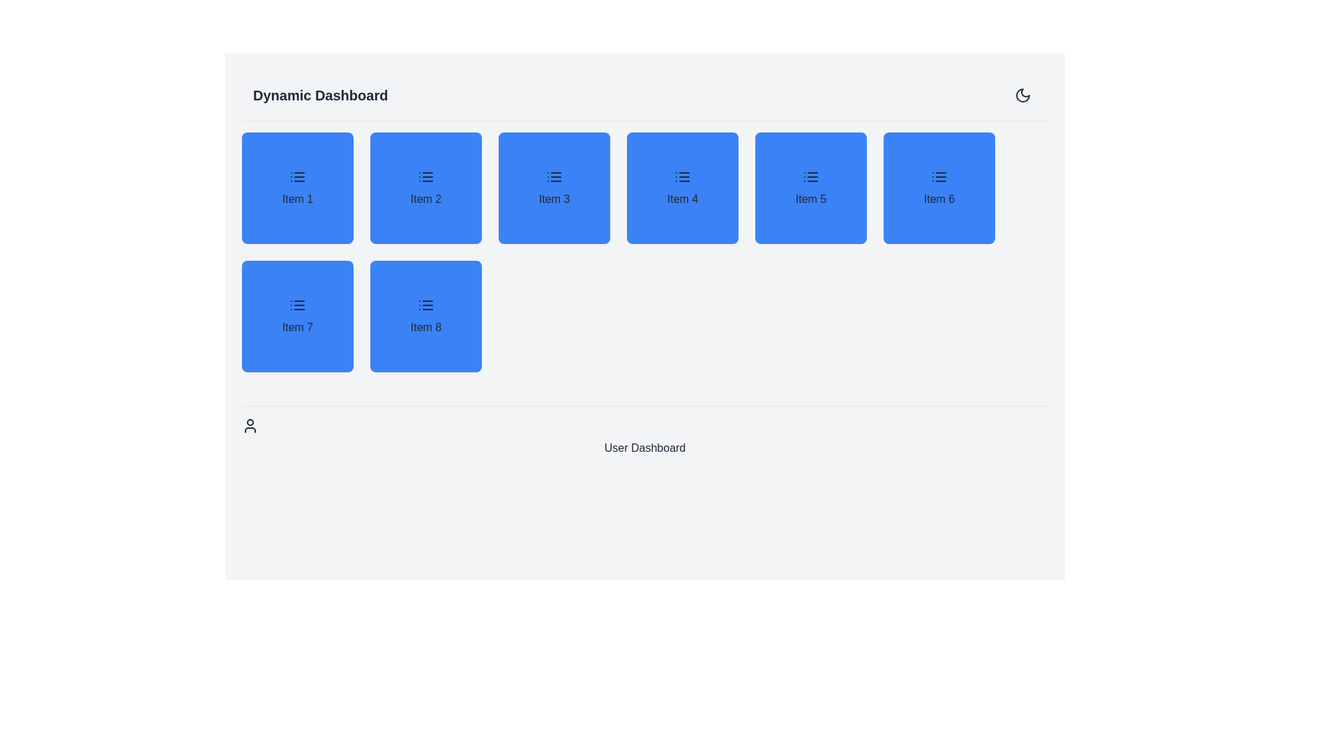  I want to click on the text label located within the first blue card of the grid layout, positioned beneath an icon, so click(297, 199).